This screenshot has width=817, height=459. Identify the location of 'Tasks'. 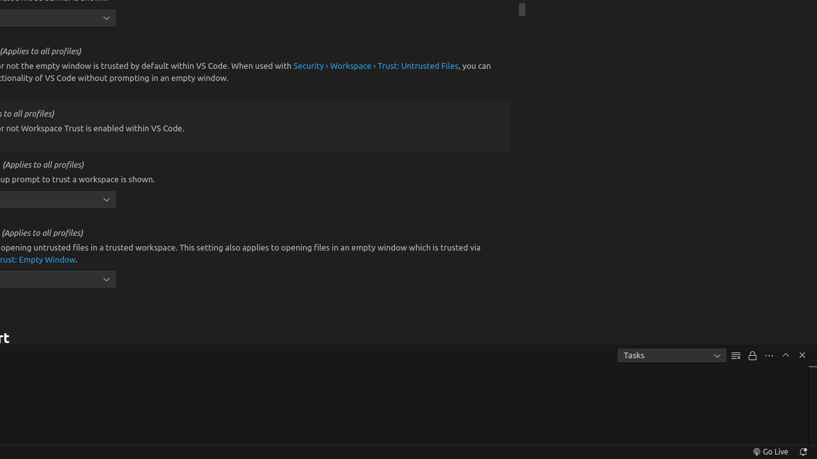
(671, 355).